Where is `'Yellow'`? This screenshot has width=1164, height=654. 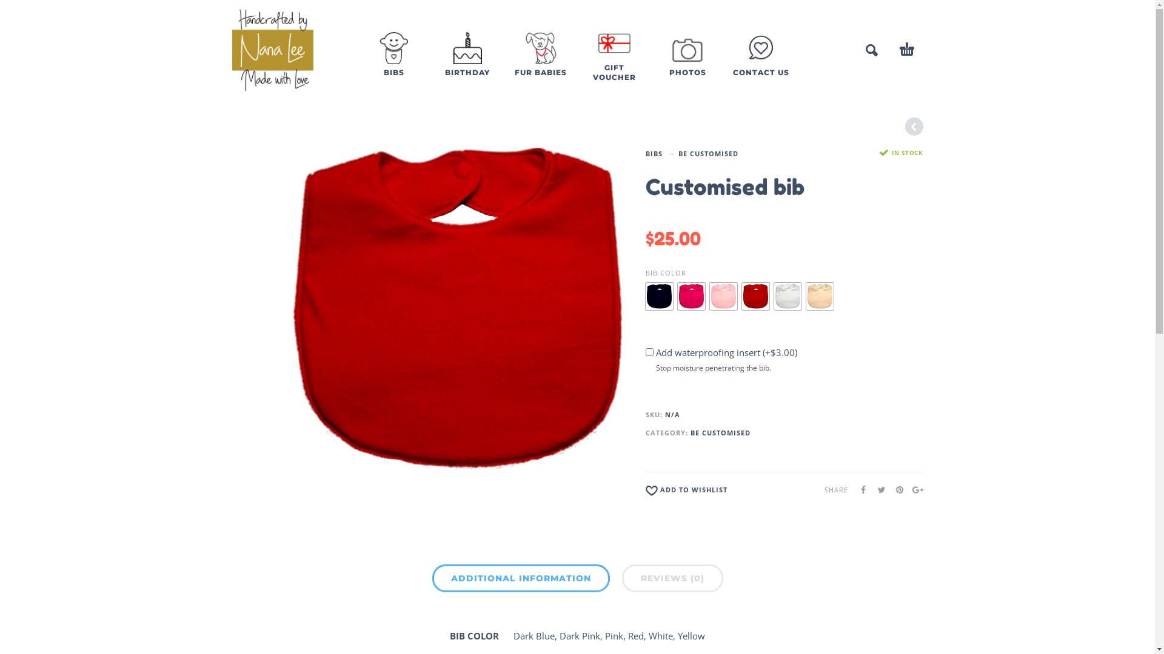
'Yellow' is located at coordinates (820, 296).